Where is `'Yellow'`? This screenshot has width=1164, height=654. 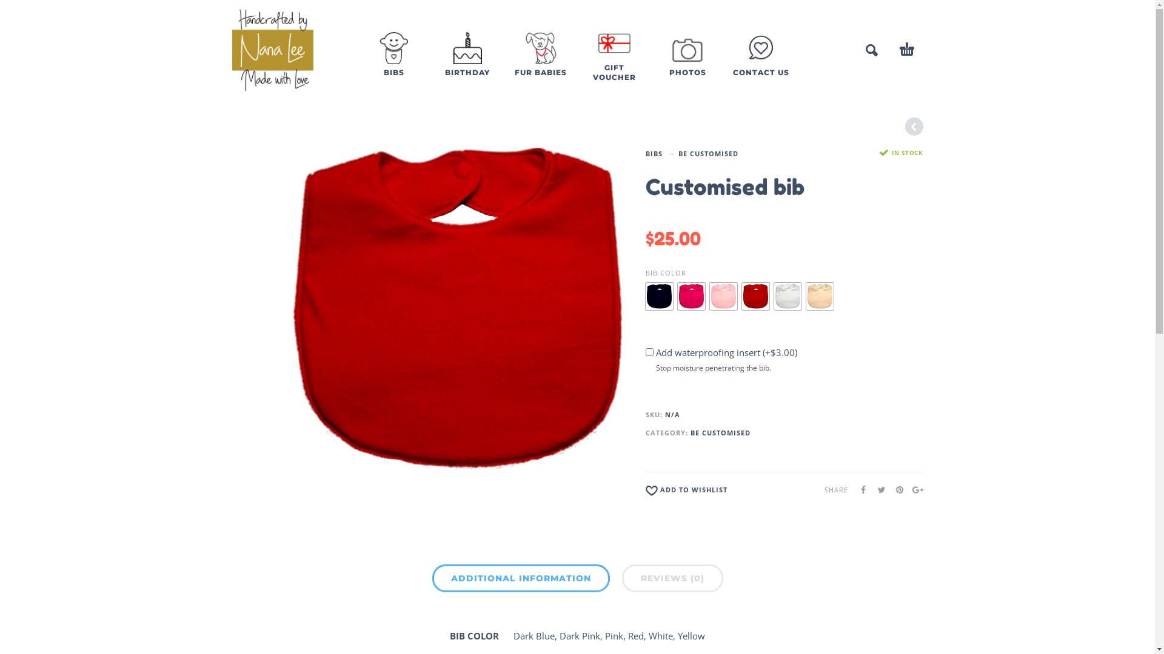
'Yellow' is located at coordinates (820, 296).